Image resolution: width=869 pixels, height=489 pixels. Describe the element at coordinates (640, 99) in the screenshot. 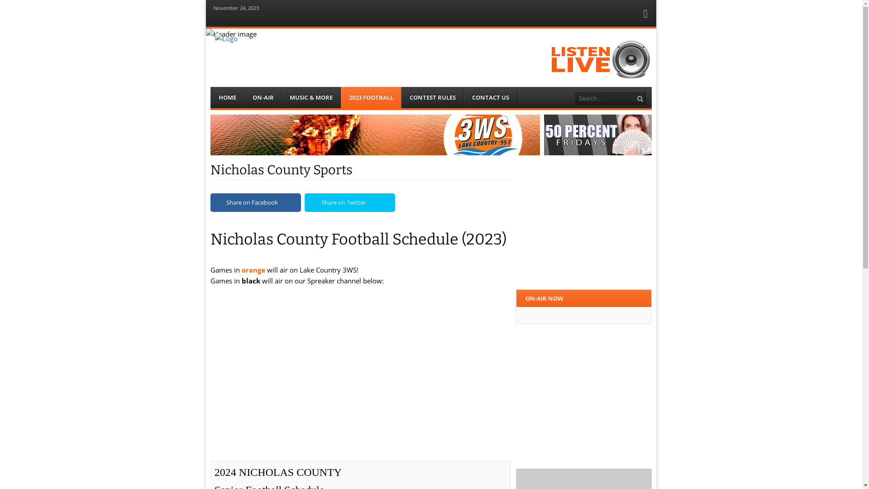

I see `'Go'` at that location.